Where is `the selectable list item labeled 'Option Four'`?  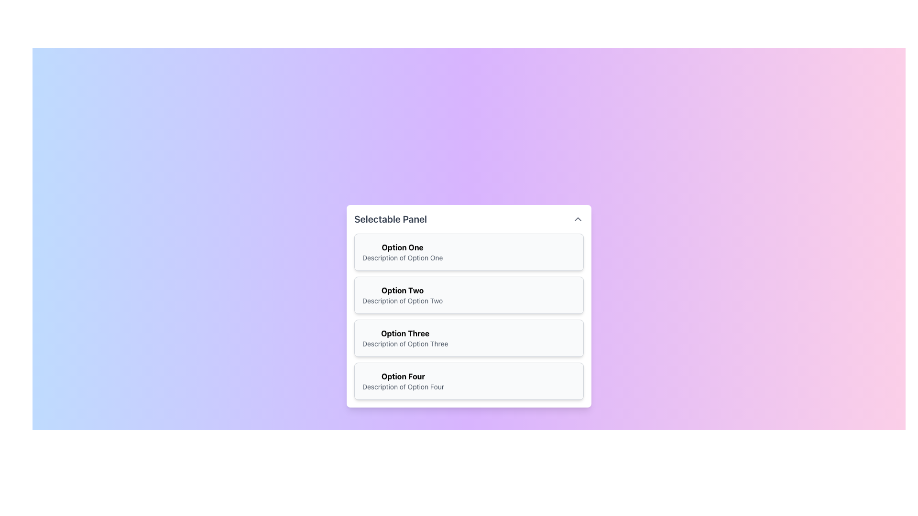 the selectable list item labeled 'Option Four' is located at coordinates (469, 381).